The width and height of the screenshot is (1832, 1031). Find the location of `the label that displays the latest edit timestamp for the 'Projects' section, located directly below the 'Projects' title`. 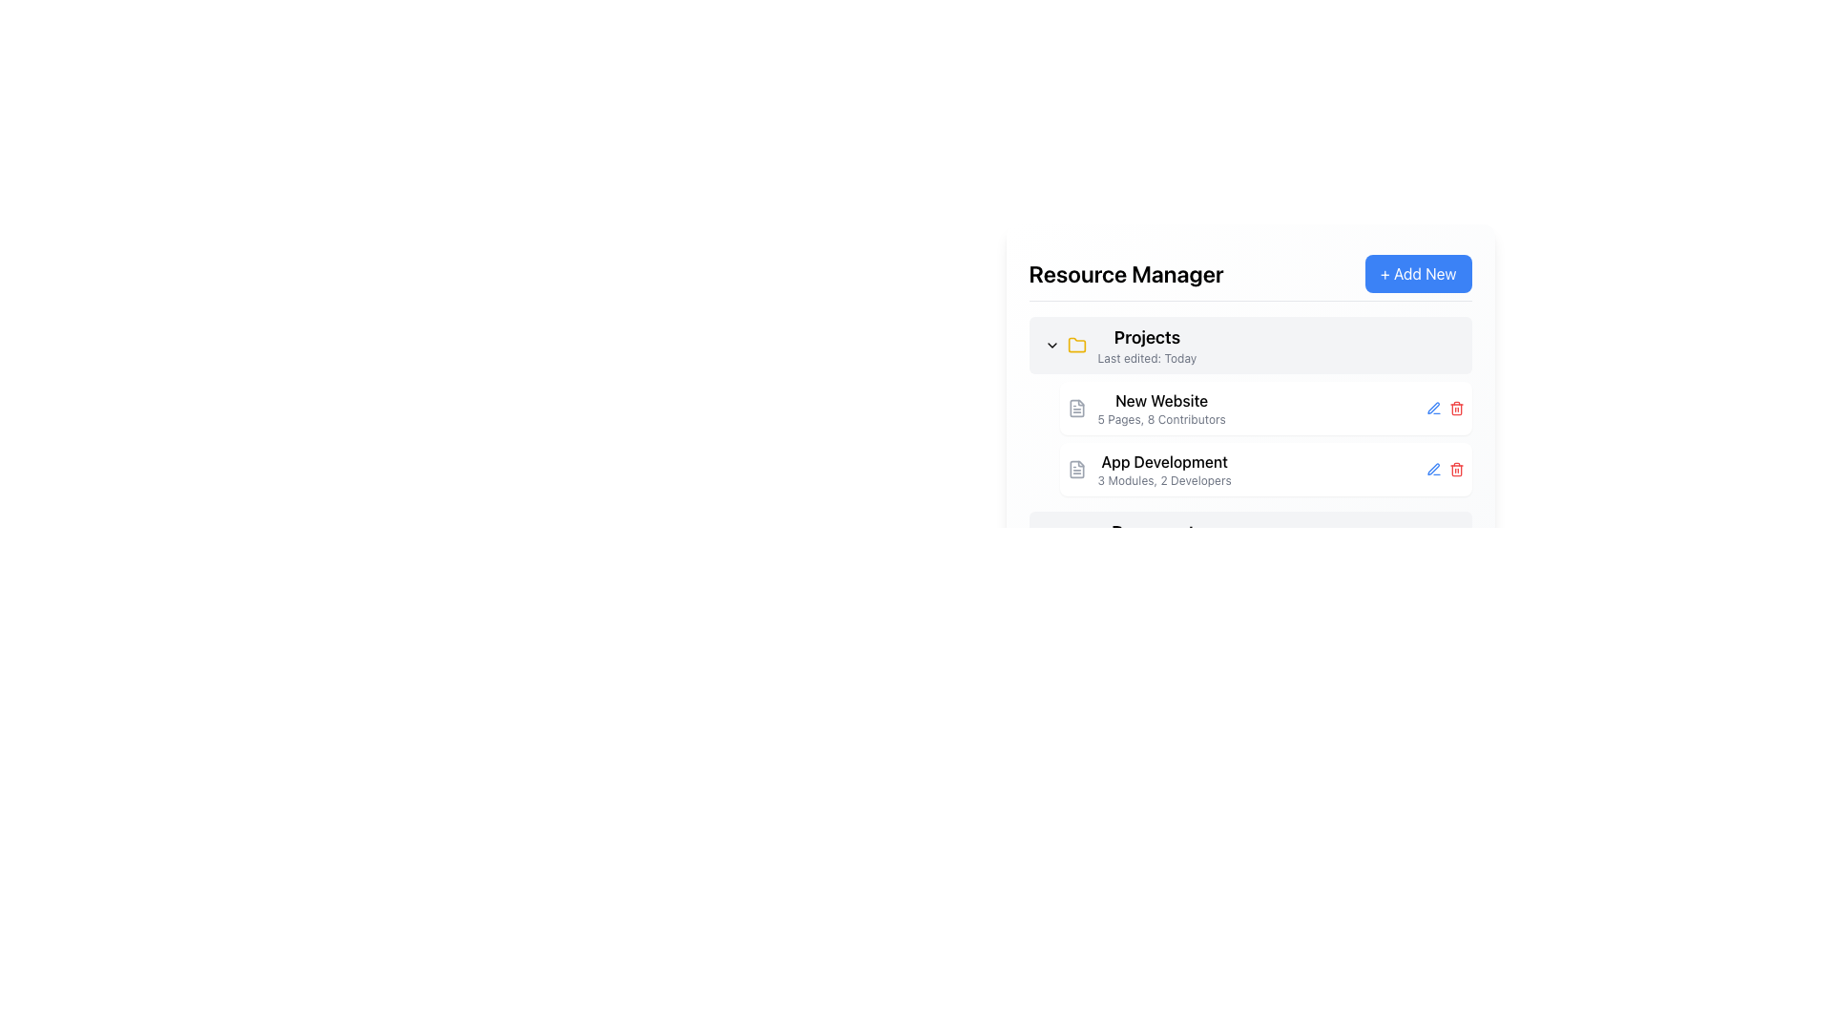

the label that displays the latest edit timestamp for the 'Projects' section, located directly below the 'Projects' title is located at coordinates (1146, 358).